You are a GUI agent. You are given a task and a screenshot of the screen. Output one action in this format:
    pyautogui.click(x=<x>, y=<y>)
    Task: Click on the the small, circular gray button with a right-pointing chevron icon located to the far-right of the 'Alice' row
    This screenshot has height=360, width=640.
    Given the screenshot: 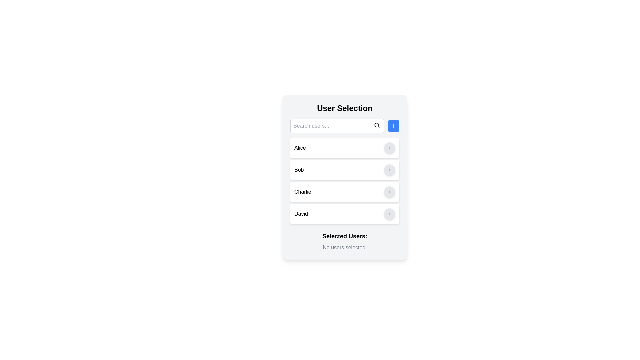 What is the action you would take?
    pyautogui.click(x=390, y=147)
    